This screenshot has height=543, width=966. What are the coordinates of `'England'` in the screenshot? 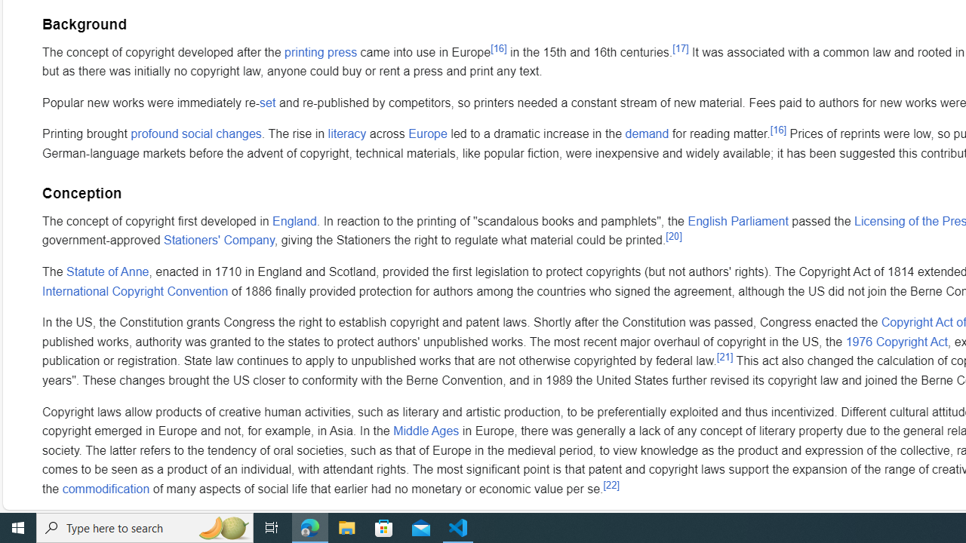 It's located at (294, 220).